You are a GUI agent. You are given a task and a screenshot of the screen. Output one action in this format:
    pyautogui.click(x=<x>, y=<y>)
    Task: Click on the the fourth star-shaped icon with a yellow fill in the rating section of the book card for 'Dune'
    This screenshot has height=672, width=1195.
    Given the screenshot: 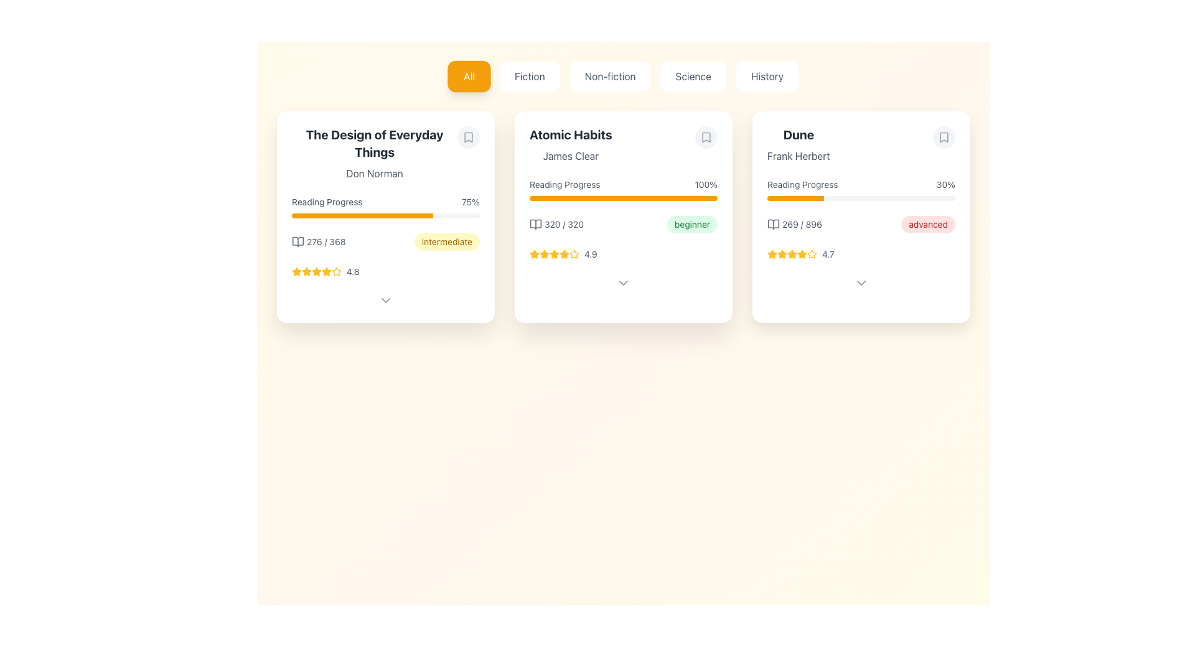 What is the action you would take?
    pyautogui.click(x=812, y=253)
    